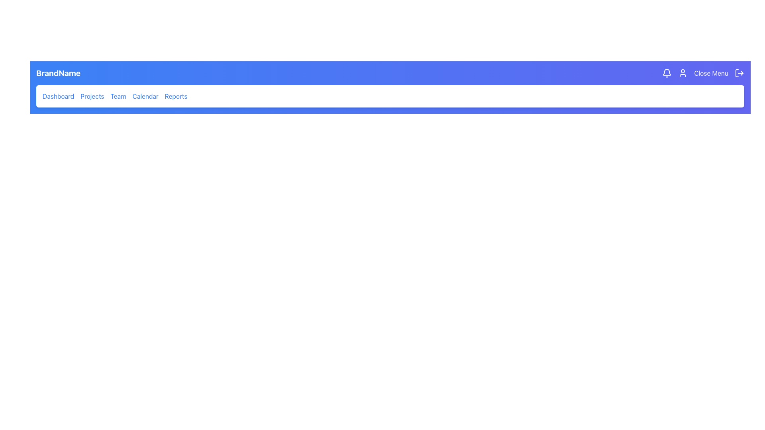 This screenshot has width=765, height=430. What do you see at coordinates (667, 73) in the screenshot?
I see `the notification icon located in the horizontal navigation bar` at bounding box center [667, 73].